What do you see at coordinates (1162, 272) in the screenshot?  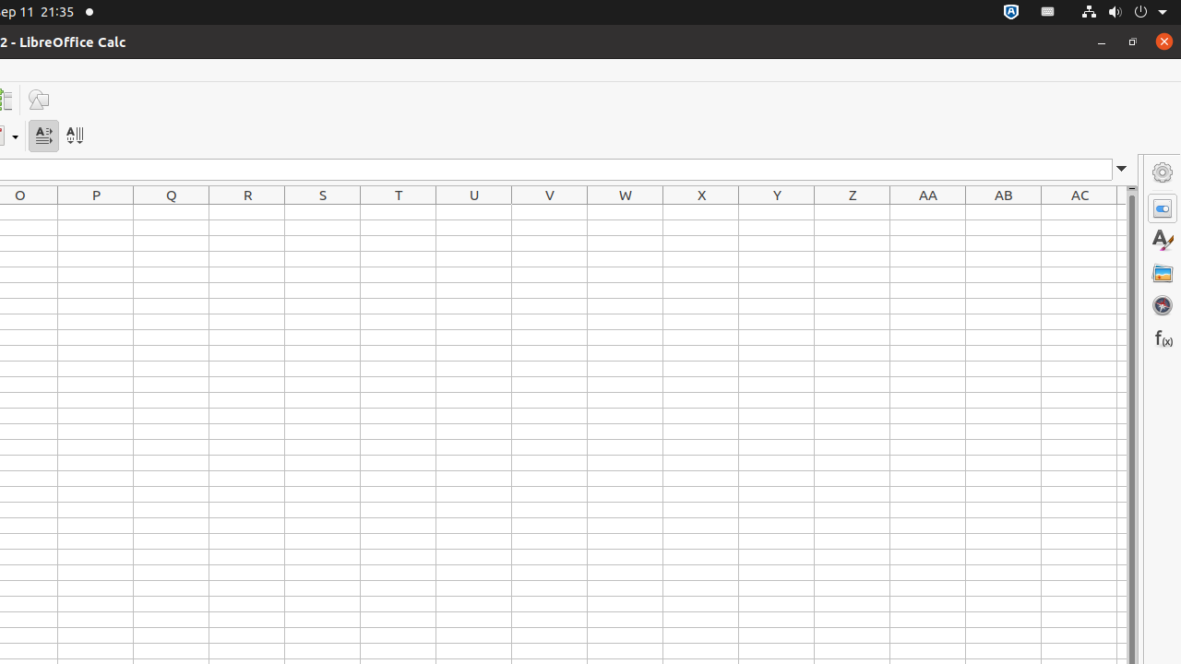 I see `'Gallery'` at bounding box center [1162, 272].